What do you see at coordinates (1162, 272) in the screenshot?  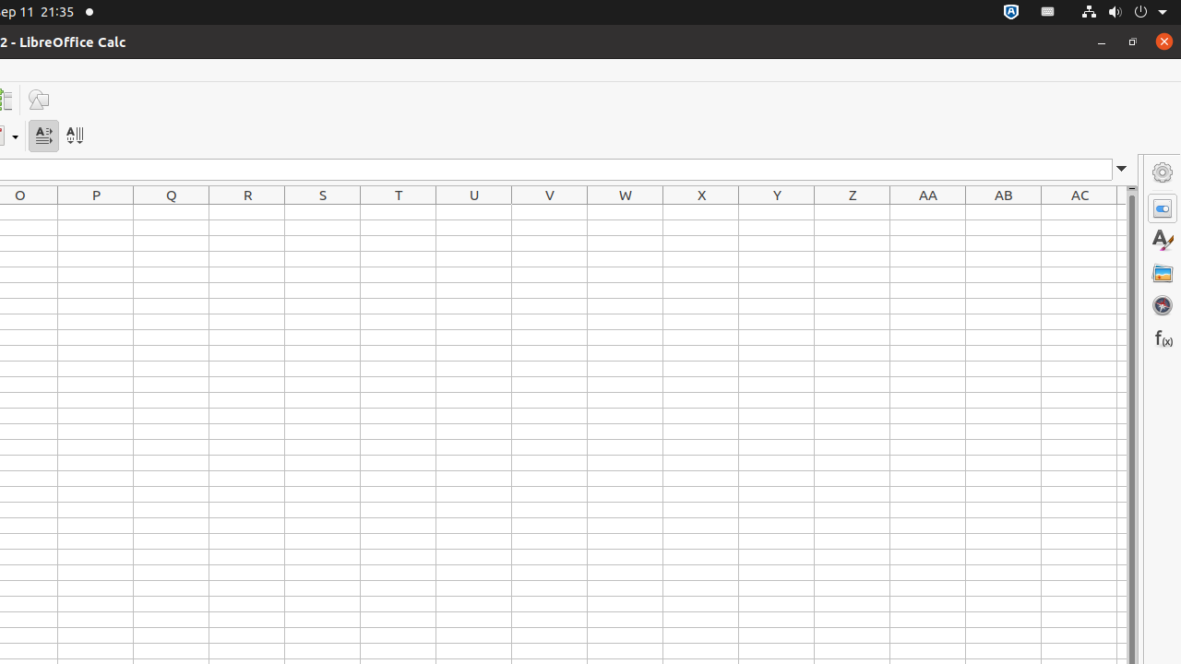 I see `'Gallery'` at bounding box center [1162, 272].